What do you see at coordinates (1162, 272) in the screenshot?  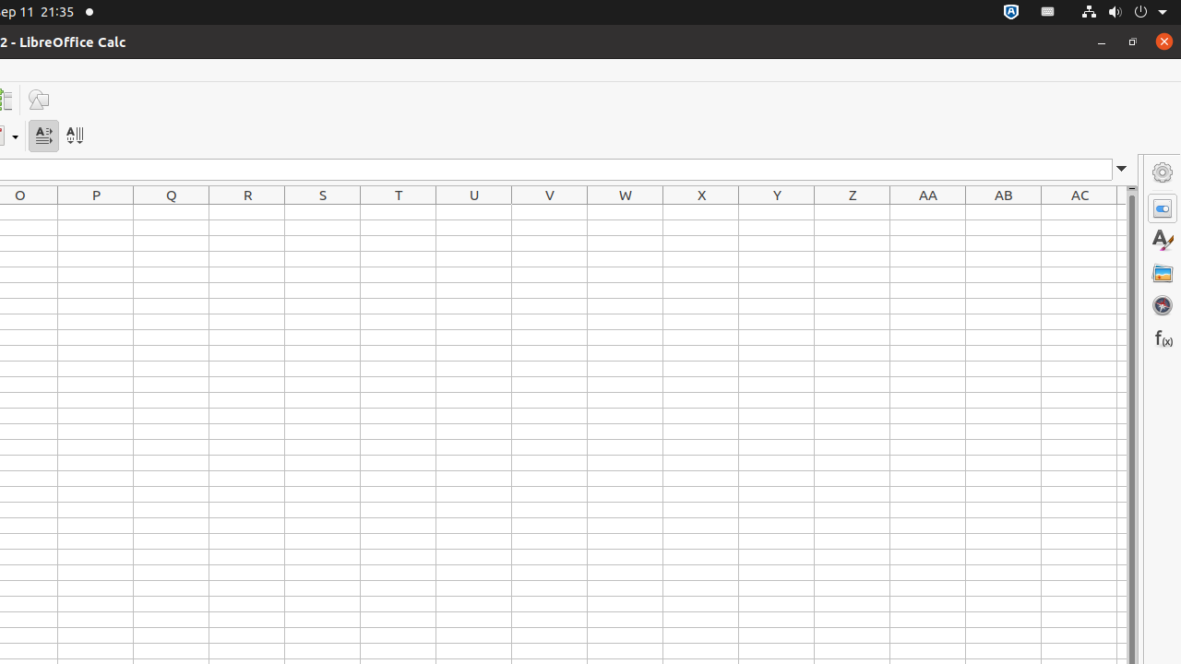 I see `'Gallery'` at bounding box center [1162, 272].